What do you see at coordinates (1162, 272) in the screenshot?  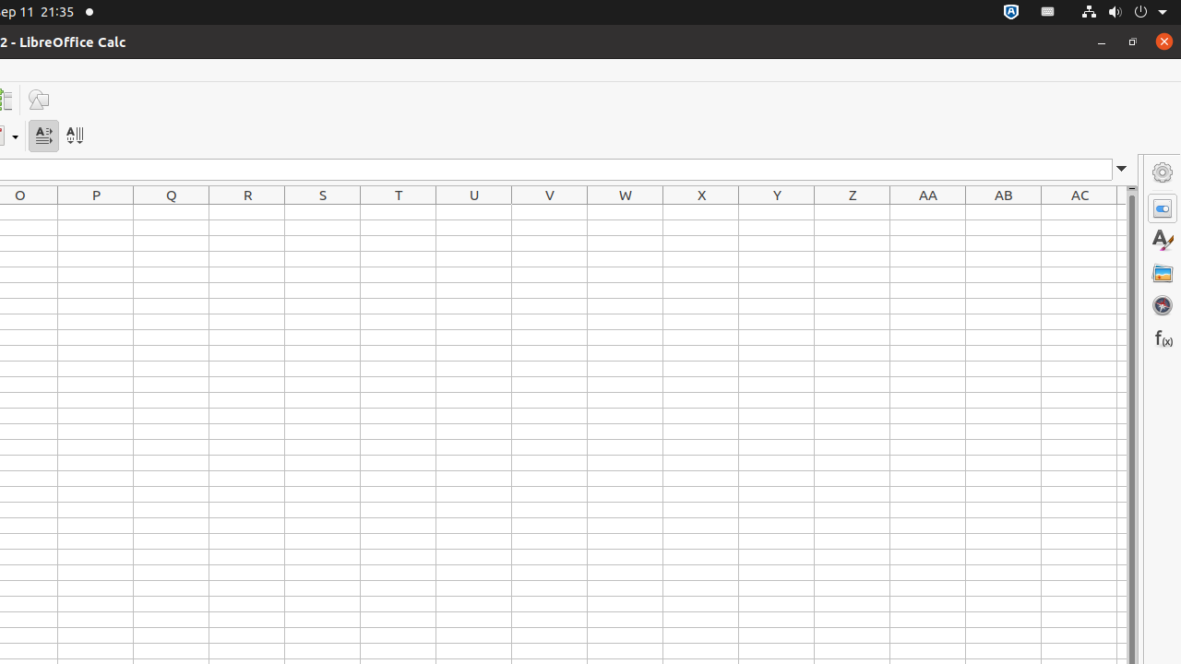 I see `'Gallery'` at bounding box center [1162, 272].